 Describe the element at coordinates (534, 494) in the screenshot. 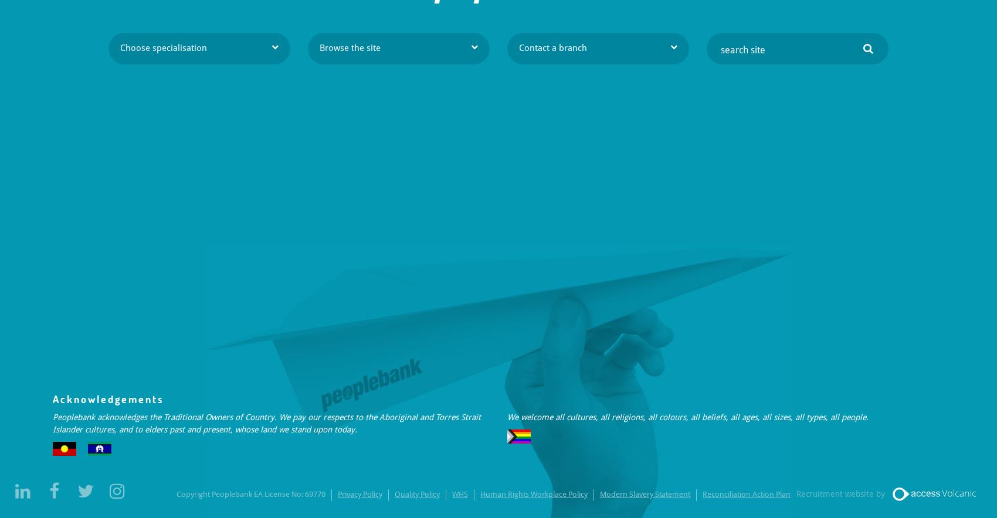

I see `'Human Rights Workplace Policy'` at that location.